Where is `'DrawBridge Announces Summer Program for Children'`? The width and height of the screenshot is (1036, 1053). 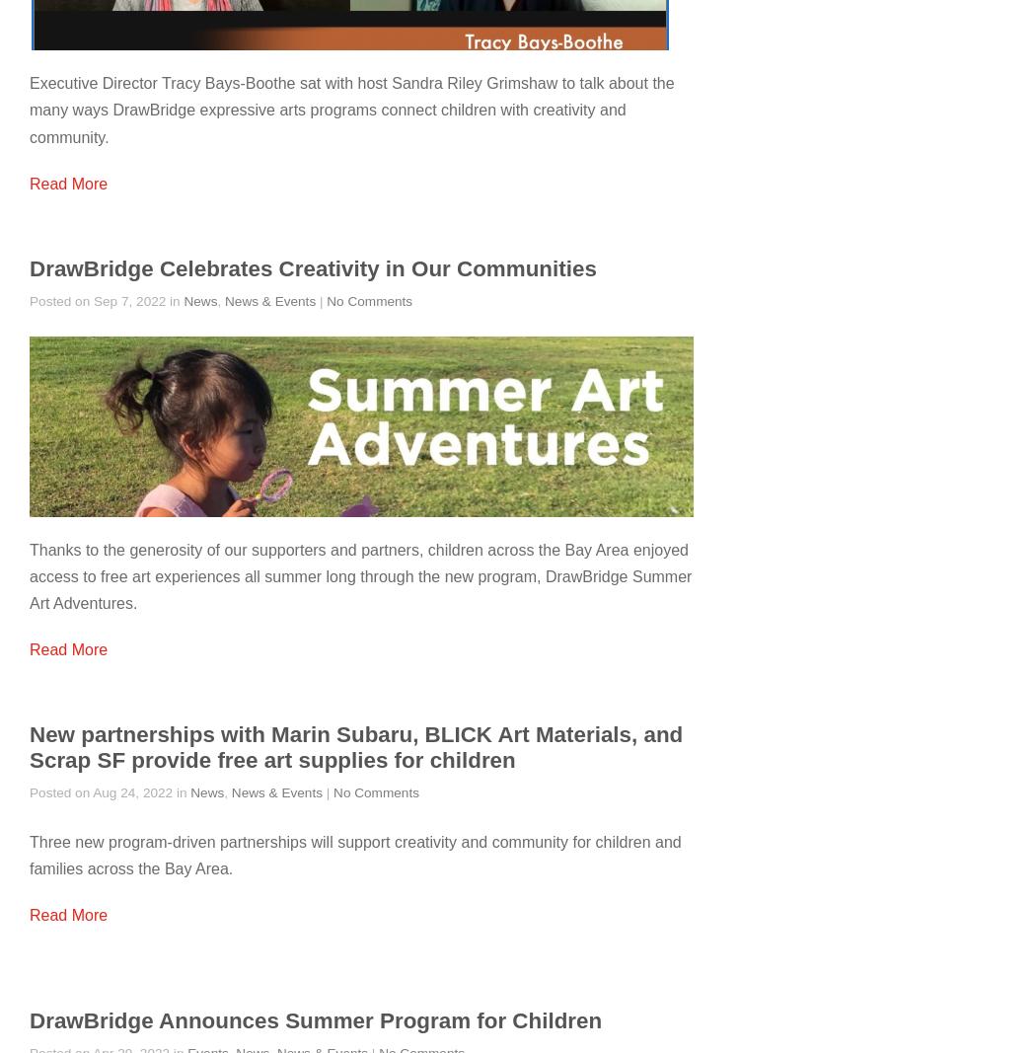
'DrawBridge Announces Summer Program for Children' is located at coordinates (316, 1020).